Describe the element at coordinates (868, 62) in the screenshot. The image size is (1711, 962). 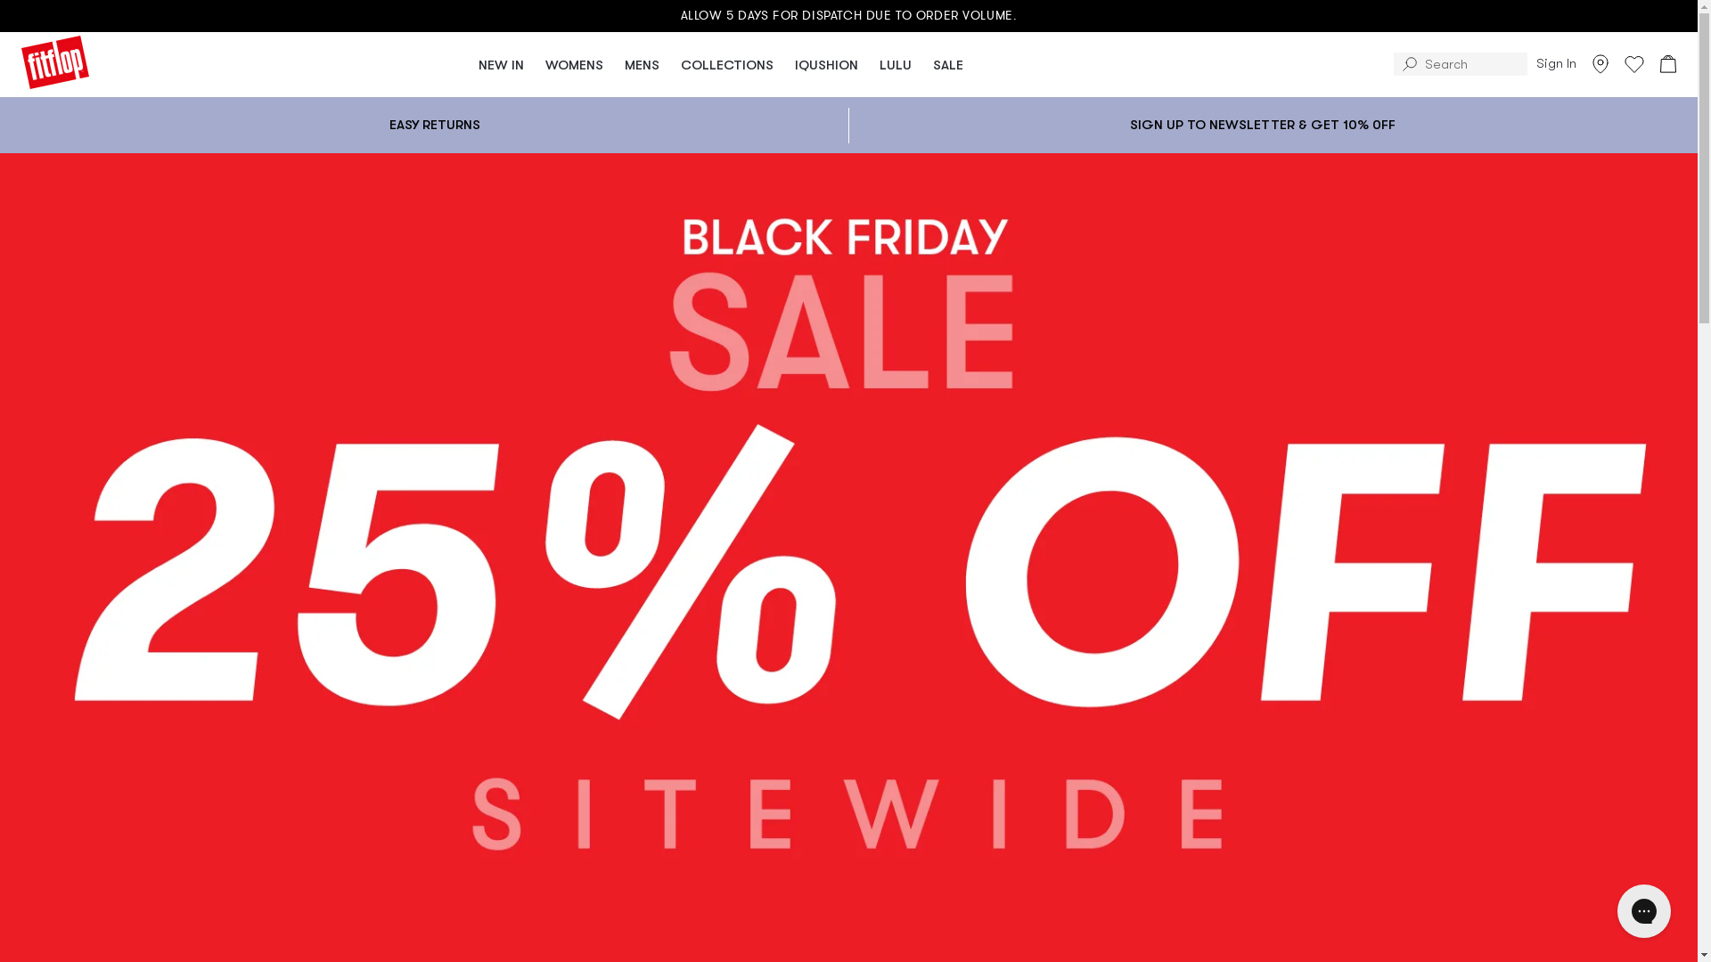
I see `'LULU'` at that location.